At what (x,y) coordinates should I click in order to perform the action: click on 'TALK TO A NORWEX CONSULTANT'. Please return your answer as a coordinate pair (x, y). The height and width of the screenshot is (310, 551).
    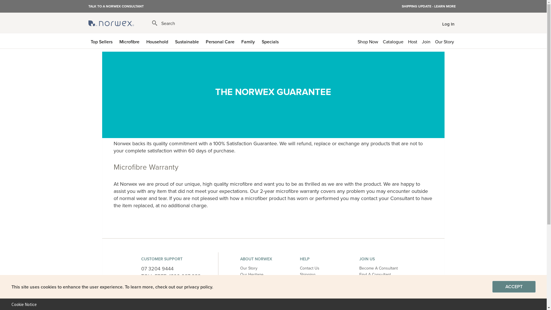
    Looking at the image, I should click on (116, 6).